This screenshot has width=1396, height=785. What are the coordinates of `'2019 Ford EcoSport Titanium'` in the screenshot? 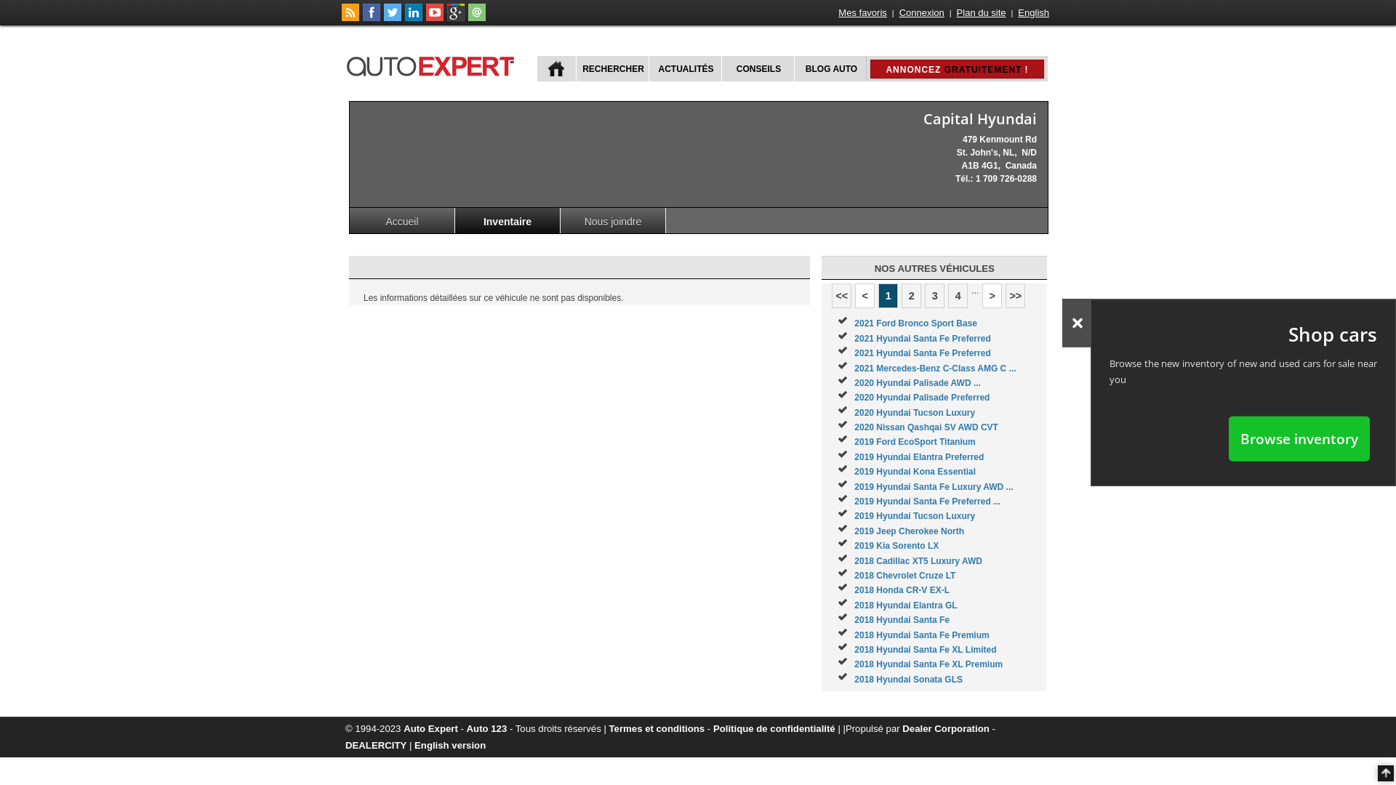 It's located at (913, 441).